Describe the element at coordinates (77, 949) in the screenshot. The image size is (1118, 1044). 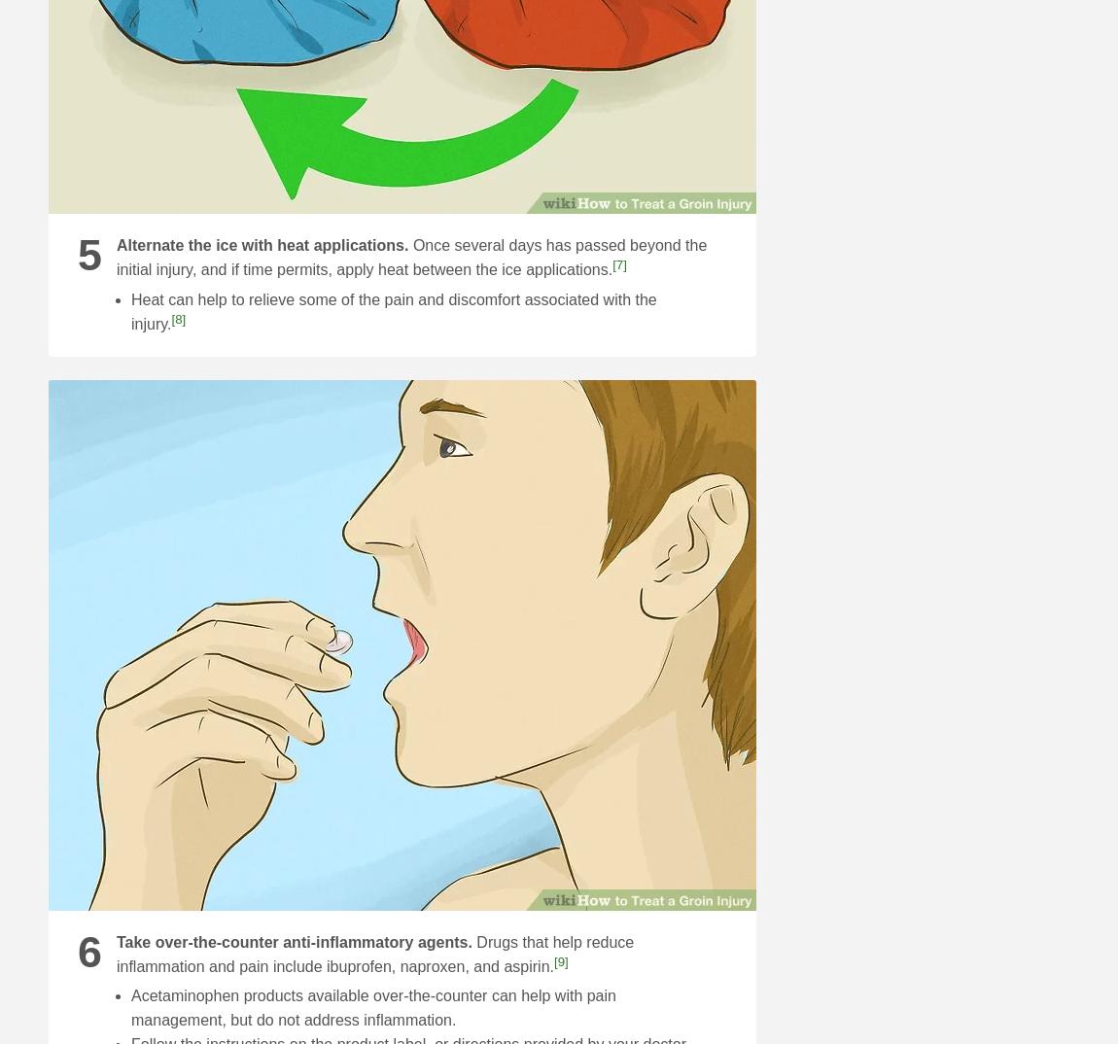
I see `'6'` at that location.